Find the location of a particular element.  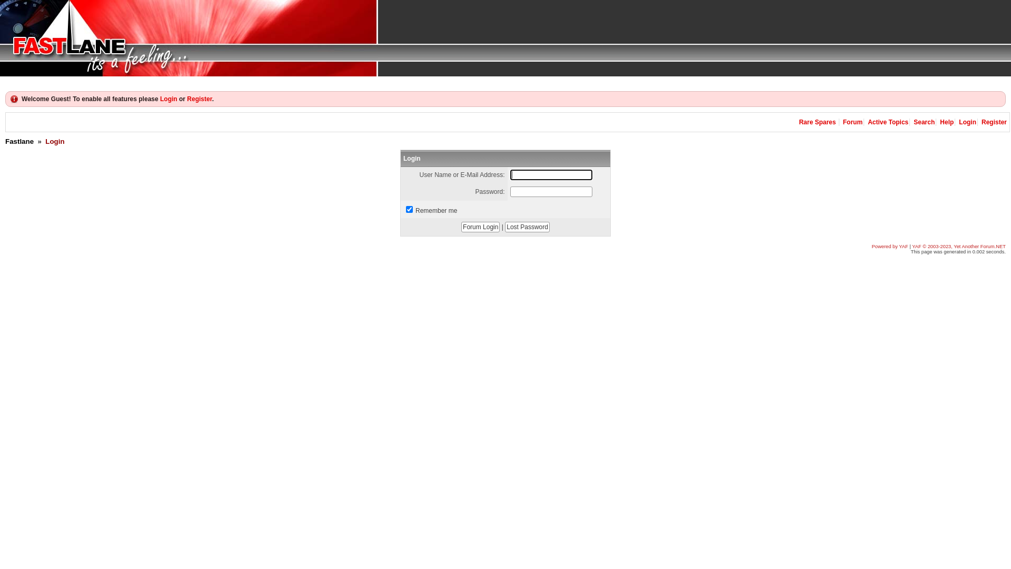

'Rare Spares' is located at coordinates (816, 121).